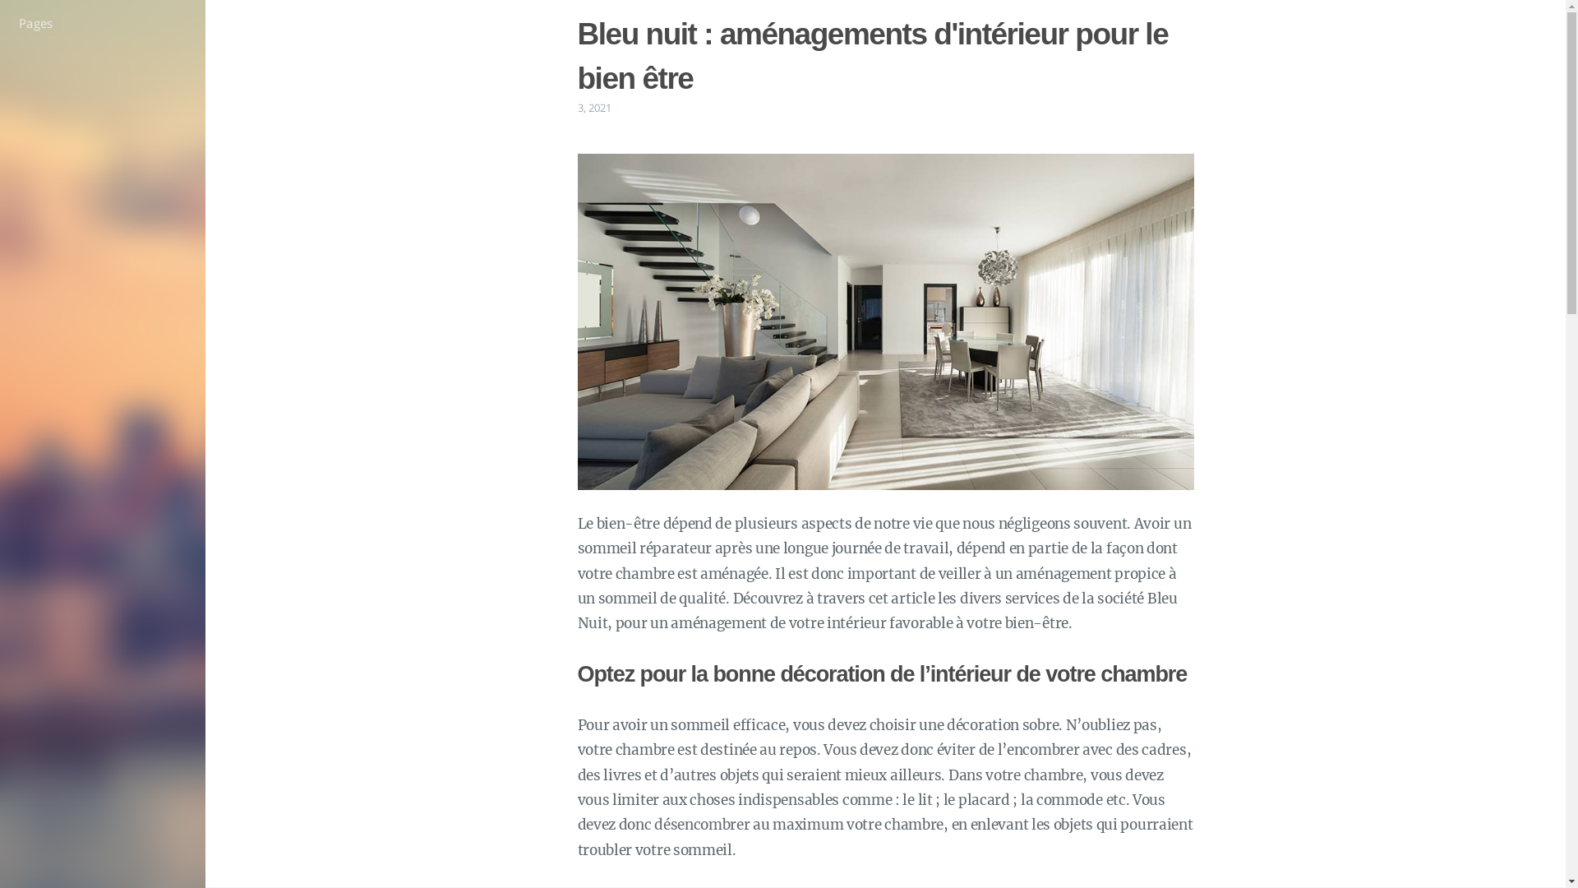 The image size is (1578, 888). What do you see at coordinates (101, 22) in the screenshot?
I see `'Pages'` at bounding box center [101, 22].